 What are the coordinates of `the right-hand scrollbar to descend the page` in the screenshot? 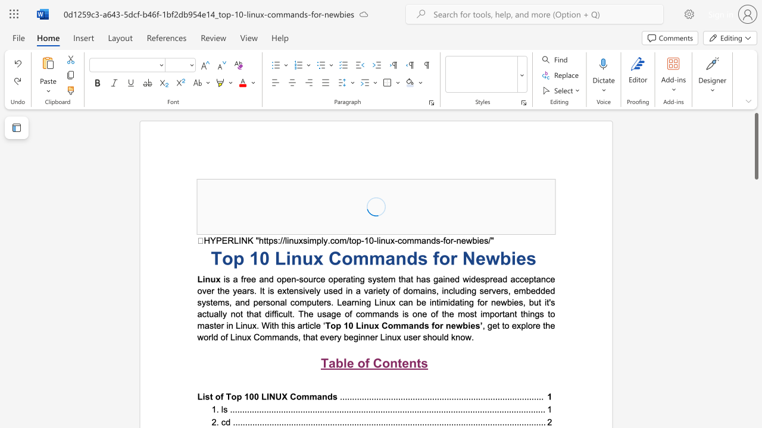 It's located at (755, 398).